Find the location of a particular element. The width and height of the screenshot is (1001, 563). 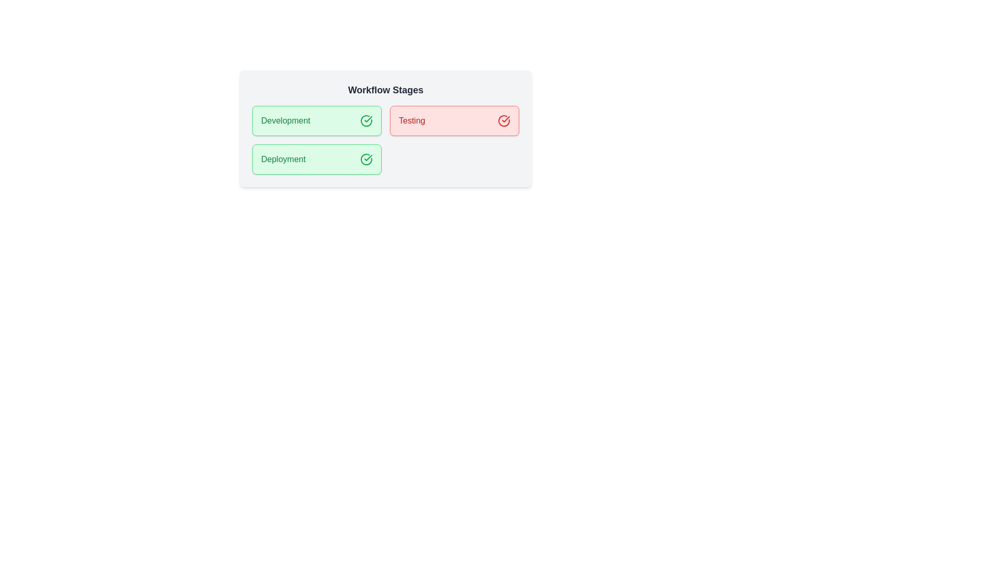

the 'Deployment' informational card in the workflow visualization, which is located in the second row under 'Workflow Stages' is located at coordinates (316, 159).